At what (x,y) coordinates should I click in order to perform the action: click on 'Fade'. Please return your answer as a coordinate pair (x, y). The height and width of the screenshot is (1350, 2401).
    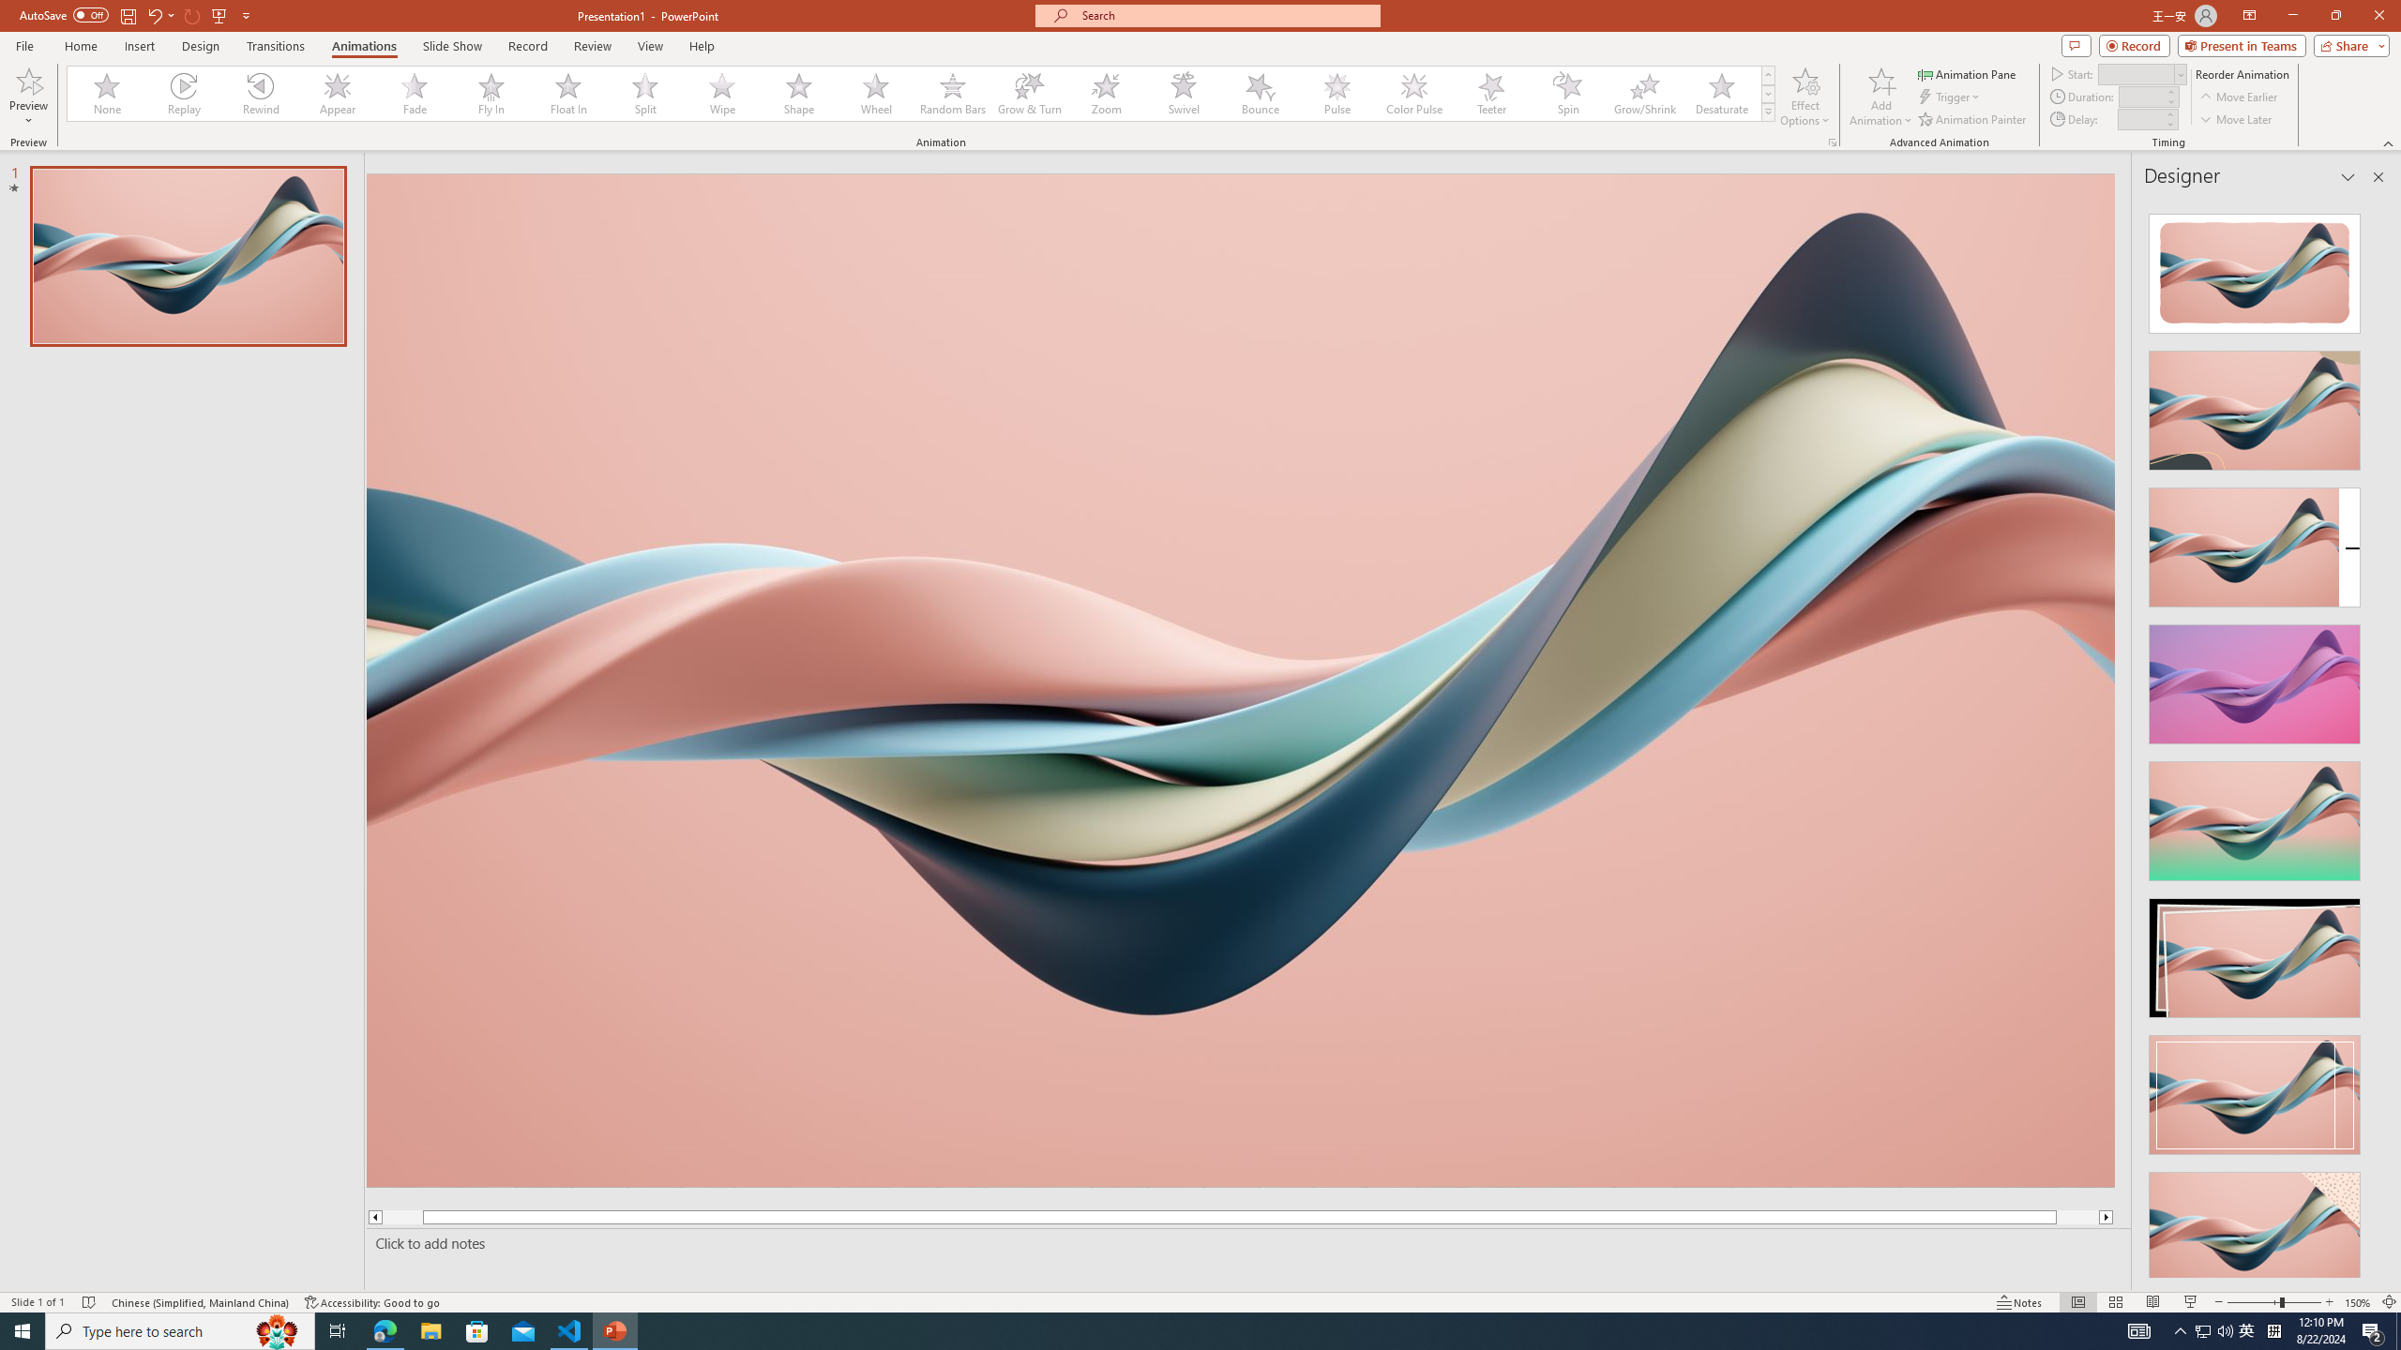
    Looking at the image, I should click on (414, 93).